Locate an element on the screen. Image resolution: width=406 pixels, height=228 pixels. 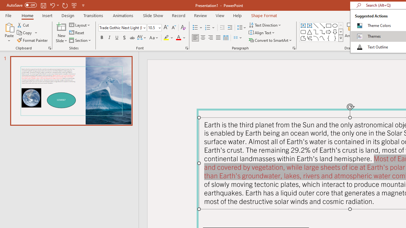
'Shape Format' is located at coordinates (264, 15).